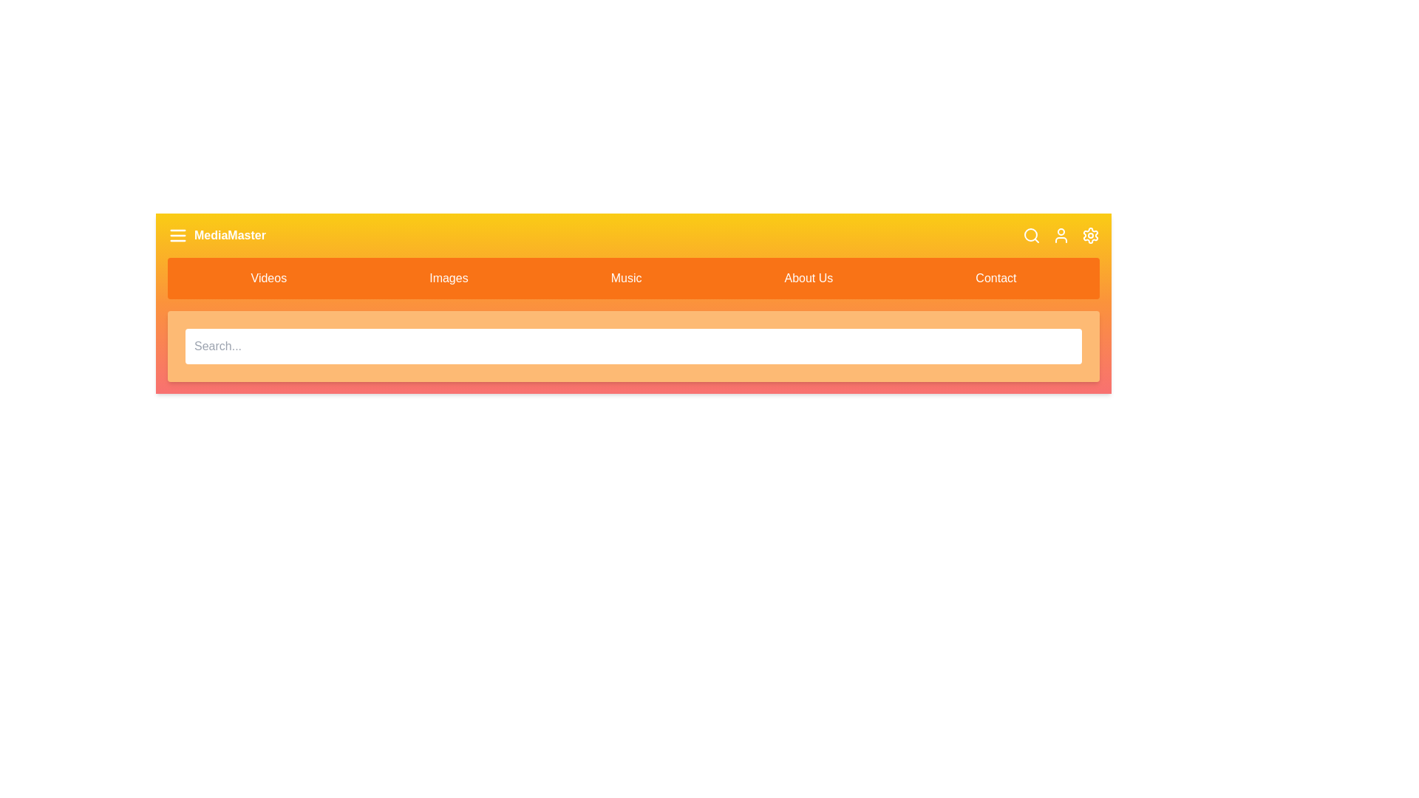 Image resolution: width=1419 pixels, height=798 pixels. Describe the element at coordinates (1091, 235) in the screenshot. I see `the settings icon to open the configuration options` at that location.